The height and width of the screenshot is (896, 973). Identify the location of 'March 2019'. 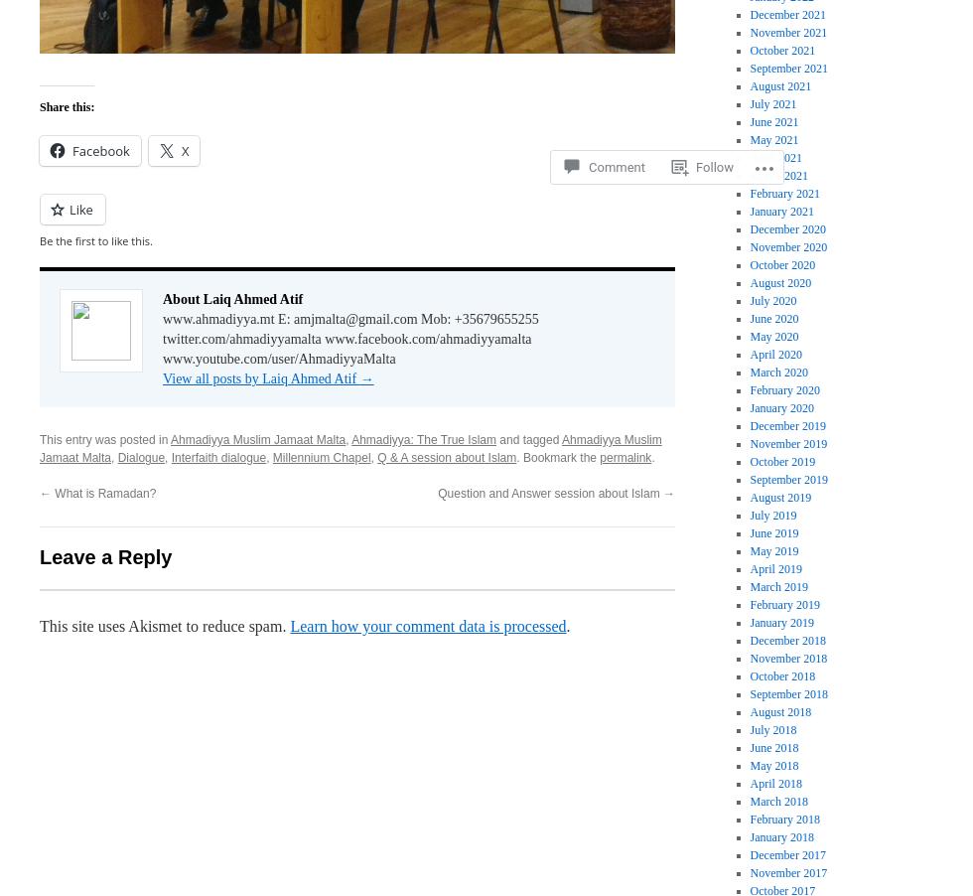
(778, 585).